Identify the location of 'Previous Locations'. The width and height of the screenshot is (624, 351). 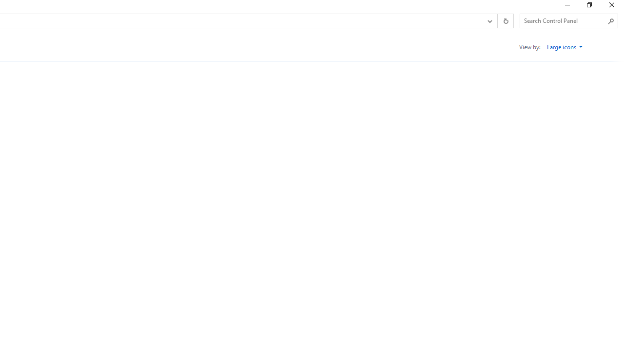
(489, 21).